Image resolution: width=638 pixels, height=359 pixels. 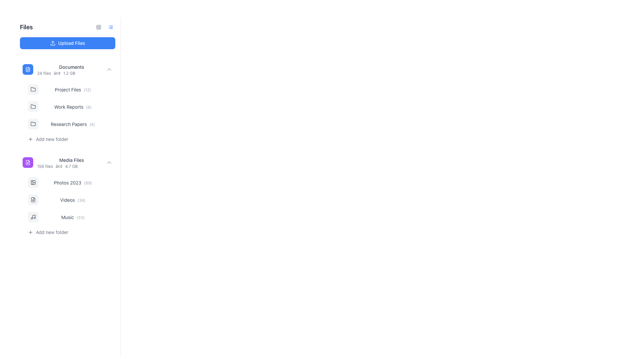 What do you see at coordinates (71, 160) in the screenshot?
I see `the text label indicating 'Media Files', which is located in the second section of the vertical file list under 'Documents'` at bounding box center [71, 160].